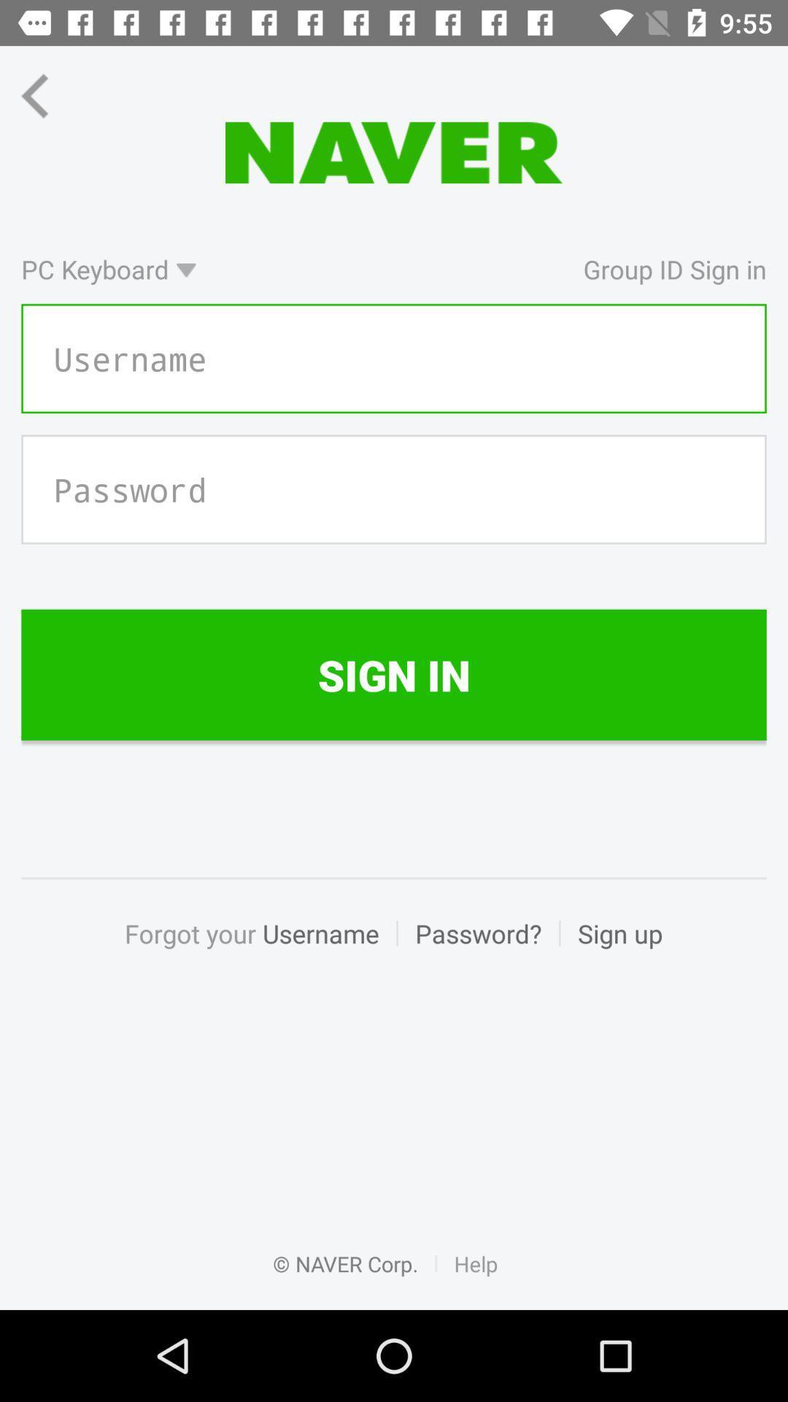  What do you see at coordinates (47, 95) in the screenshot?
I see `the arrow_backward icon` at bounding box center [47, 95].